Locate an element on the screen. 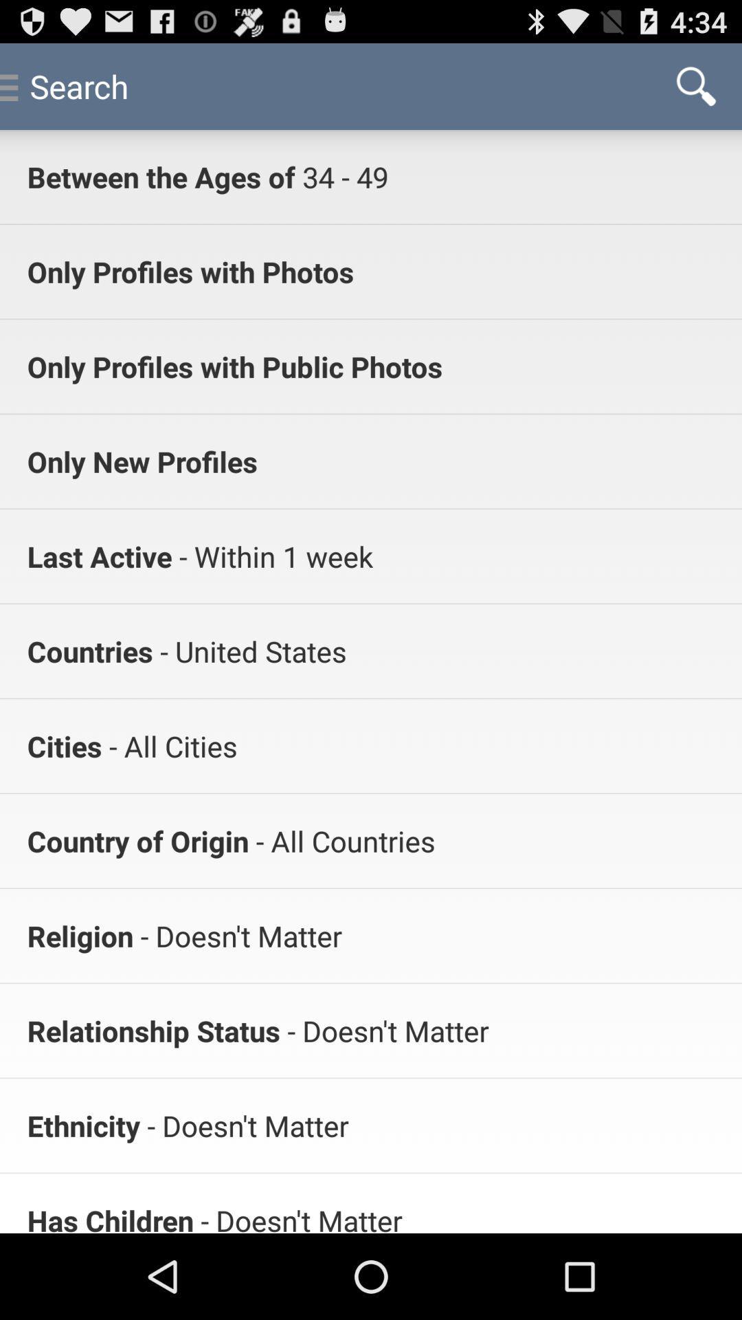 The image size is (742, 1320). item to the right of cities icon is located at coordinates (169, 745).